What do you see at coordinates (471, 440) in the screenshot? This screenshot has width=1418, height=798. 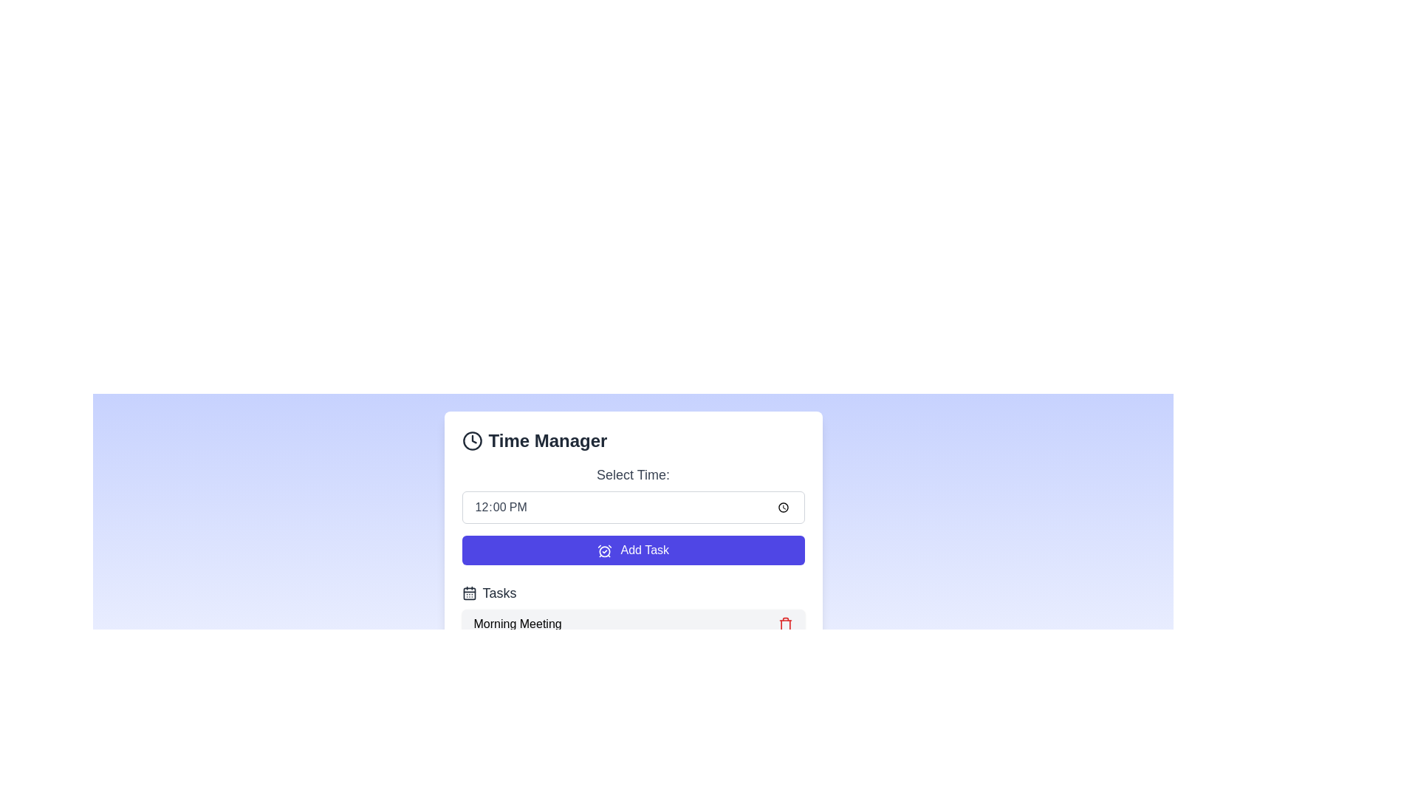 I see `the clock icon located to the left of the 'Time Manager' text in the heading section` at bounding box center [471, 440].